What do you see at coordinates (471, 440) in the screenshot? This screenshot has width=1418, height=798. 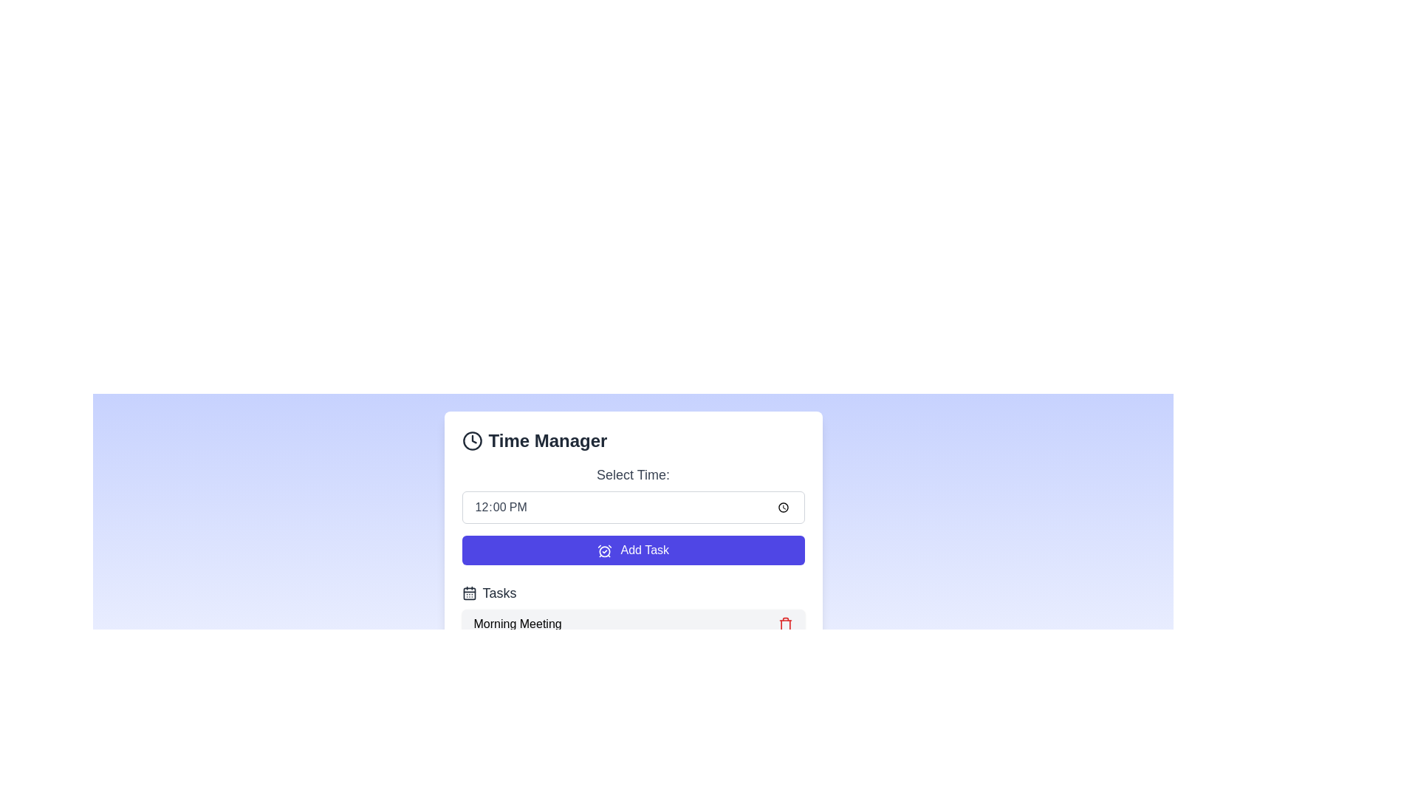 I see `the clock icon located to the left of the 'Time Manager' text in the heading section` at bounding box center [471, 440].